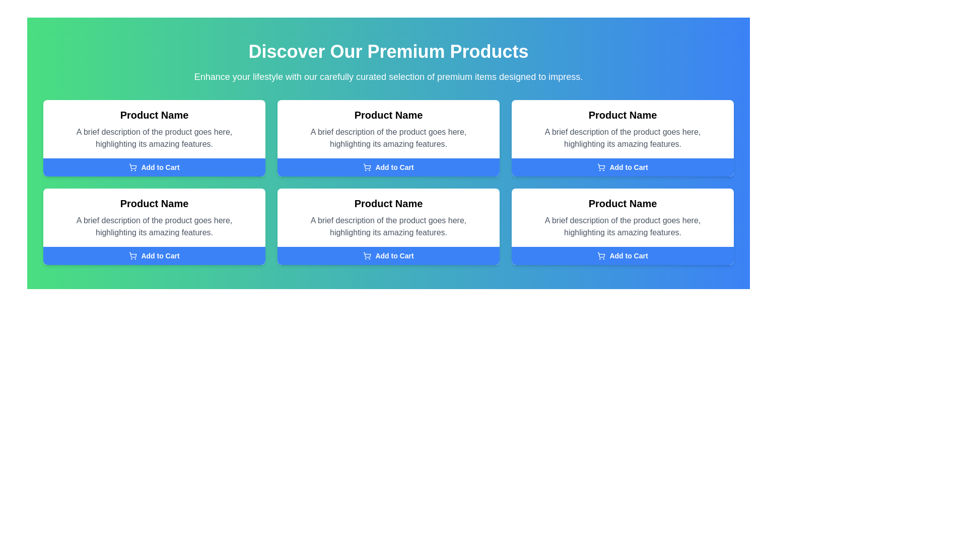  Describe the element at coordinates (622, 129) in the screenshot. I see `product details displayed in the informational text block located at the top-right of the six featured product cards` at that location.